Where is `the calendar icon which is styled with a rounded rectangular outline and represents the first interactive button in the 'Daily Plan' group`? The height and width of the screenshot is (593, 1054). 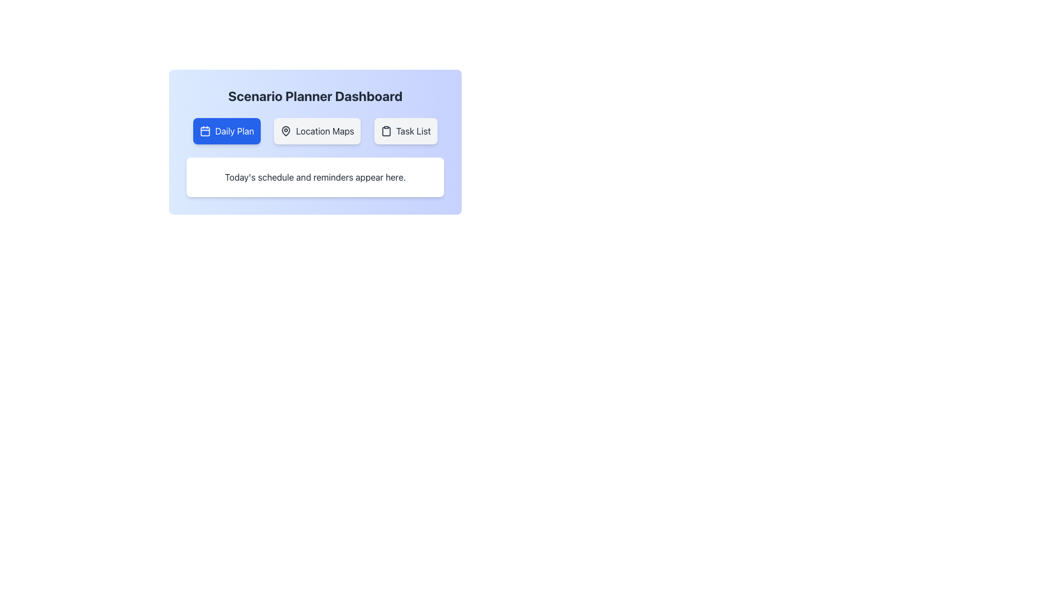 the calendar icon which is styled with a rounded rectangular outline and represents the first interactive button in the 'Daily Plan' group is located at coordinates (205, 131).